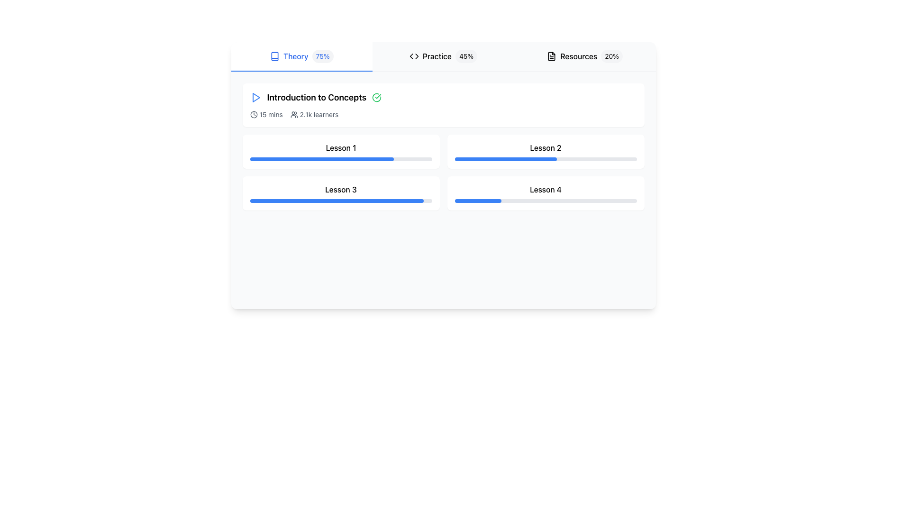 The image size is (910, 512). Describe the element at coordinates (341, 201) in the screenshot. I see `the current progress visually on the horizontal progress bar below the 'Lesson 3' label, which has a gray background and a blue filled portion` at that location.